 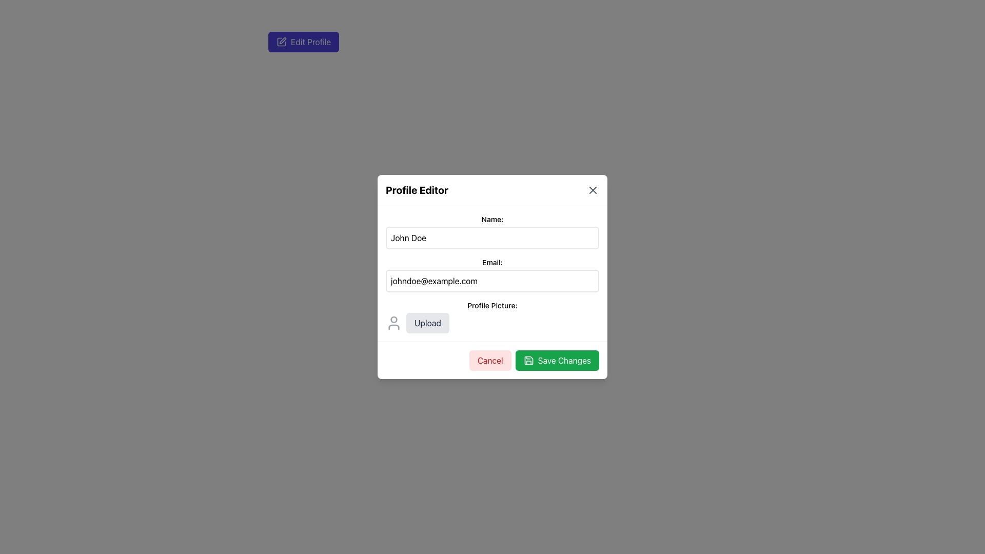 I want to click on the text label reading 'Profile Picture:' located within the 'Profile Editor' dialog box, positioned directly above the 'Upload' button, so click(x=493, y=305).